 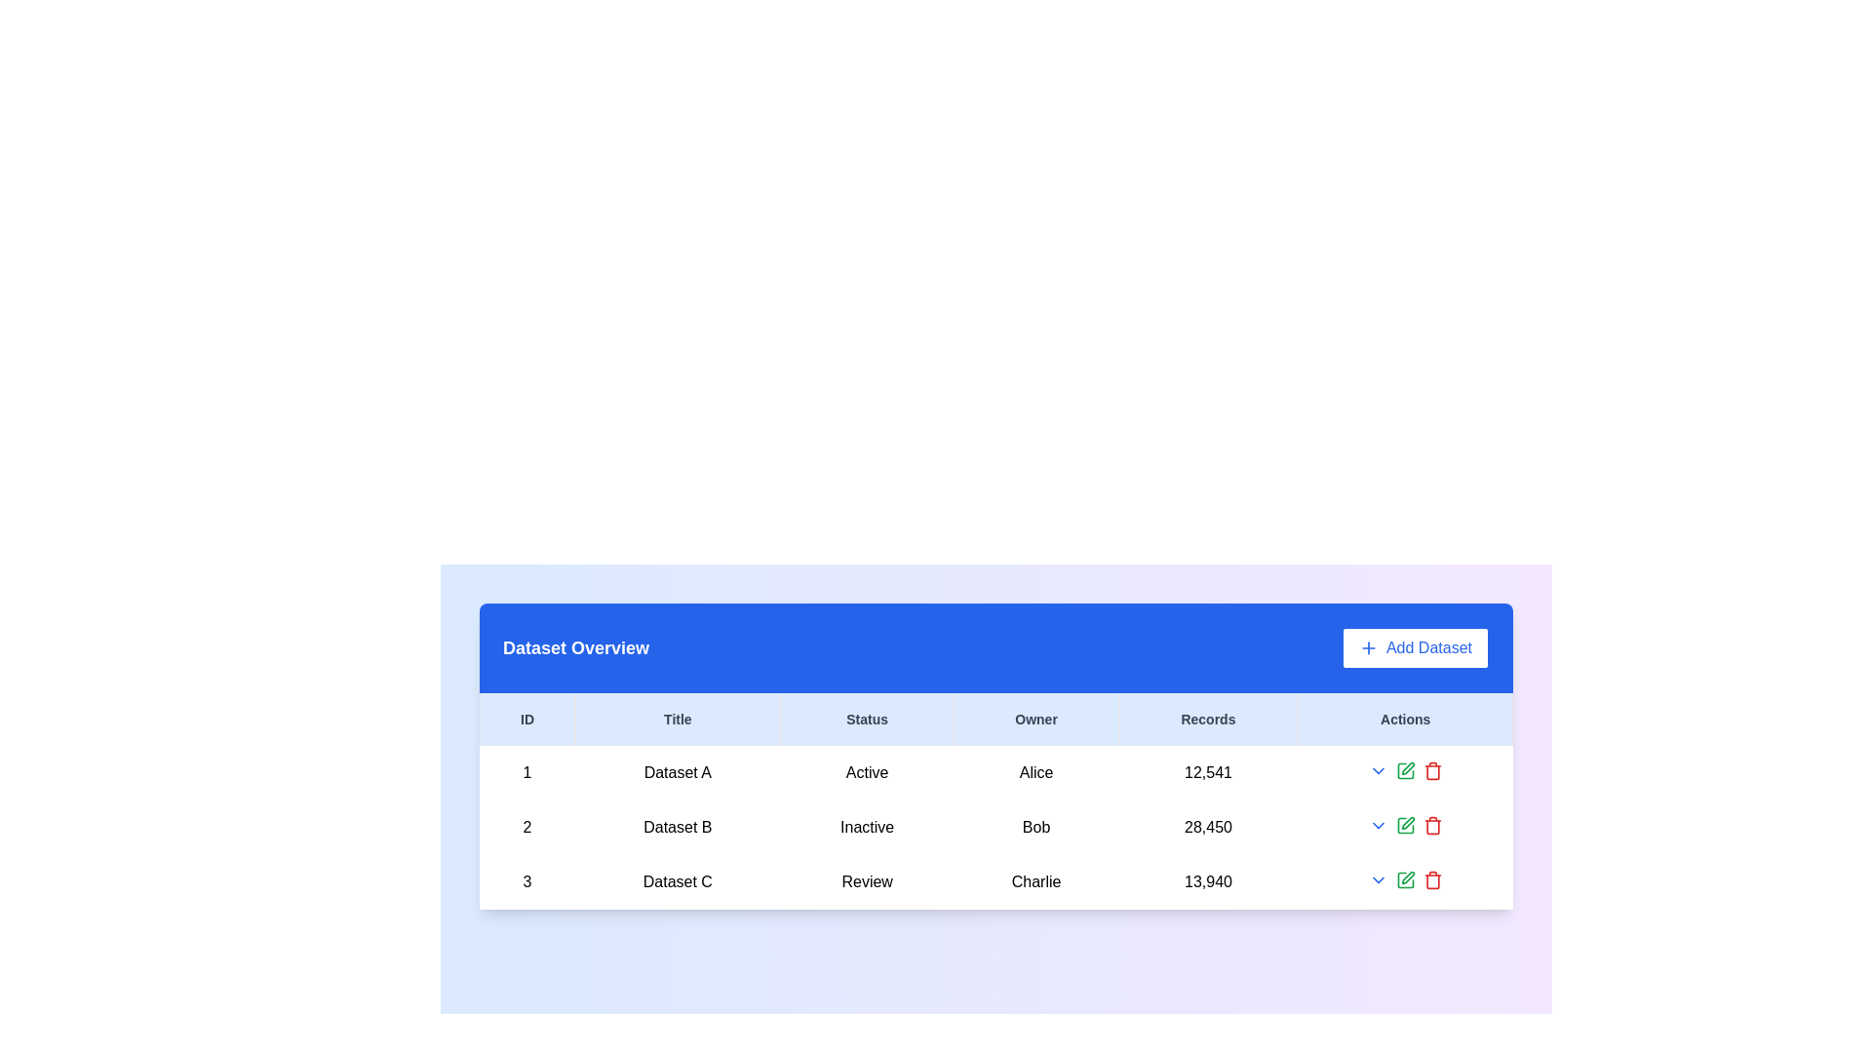 I want to click on the Dropdown toggle button located in the second row of the 'Actions' column in the dataset table to reveal additional options, so click(x=1377, y=826).